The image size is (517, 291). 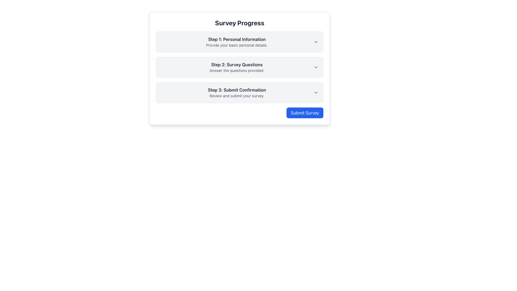 I want to click on the informational text section titled 'Step 2: Survey Questions' located centrally between the 'Survey Progress' header and the 'Submit Survey' button, so click(x=239, y=68).